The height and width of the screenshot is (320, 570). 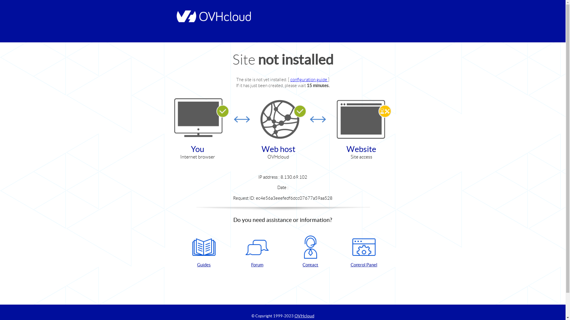 What do you see at coordinates (363, 252) in the screenshot?
I see `'Control Panel'` at bounding box center [363, 252].